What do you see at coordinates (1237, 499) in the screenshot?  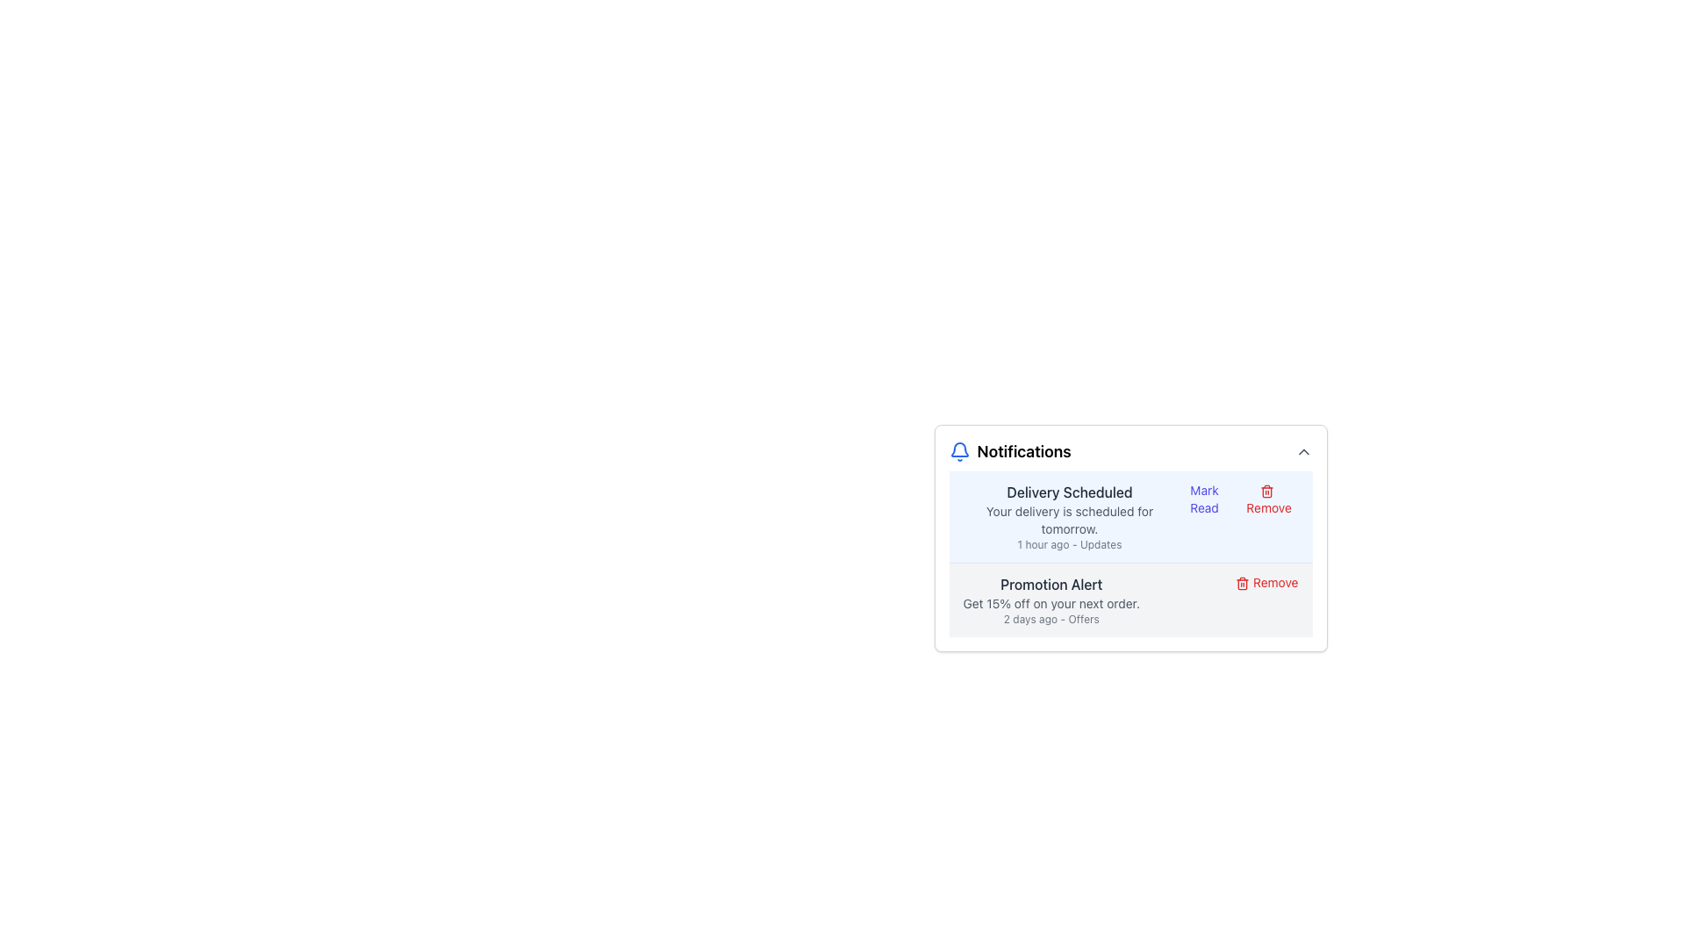 I see `the 'Remove' button in the Group of buttons located to the right of the 'Delivery Scheduled' notification` at bounding box center [1237, 499].